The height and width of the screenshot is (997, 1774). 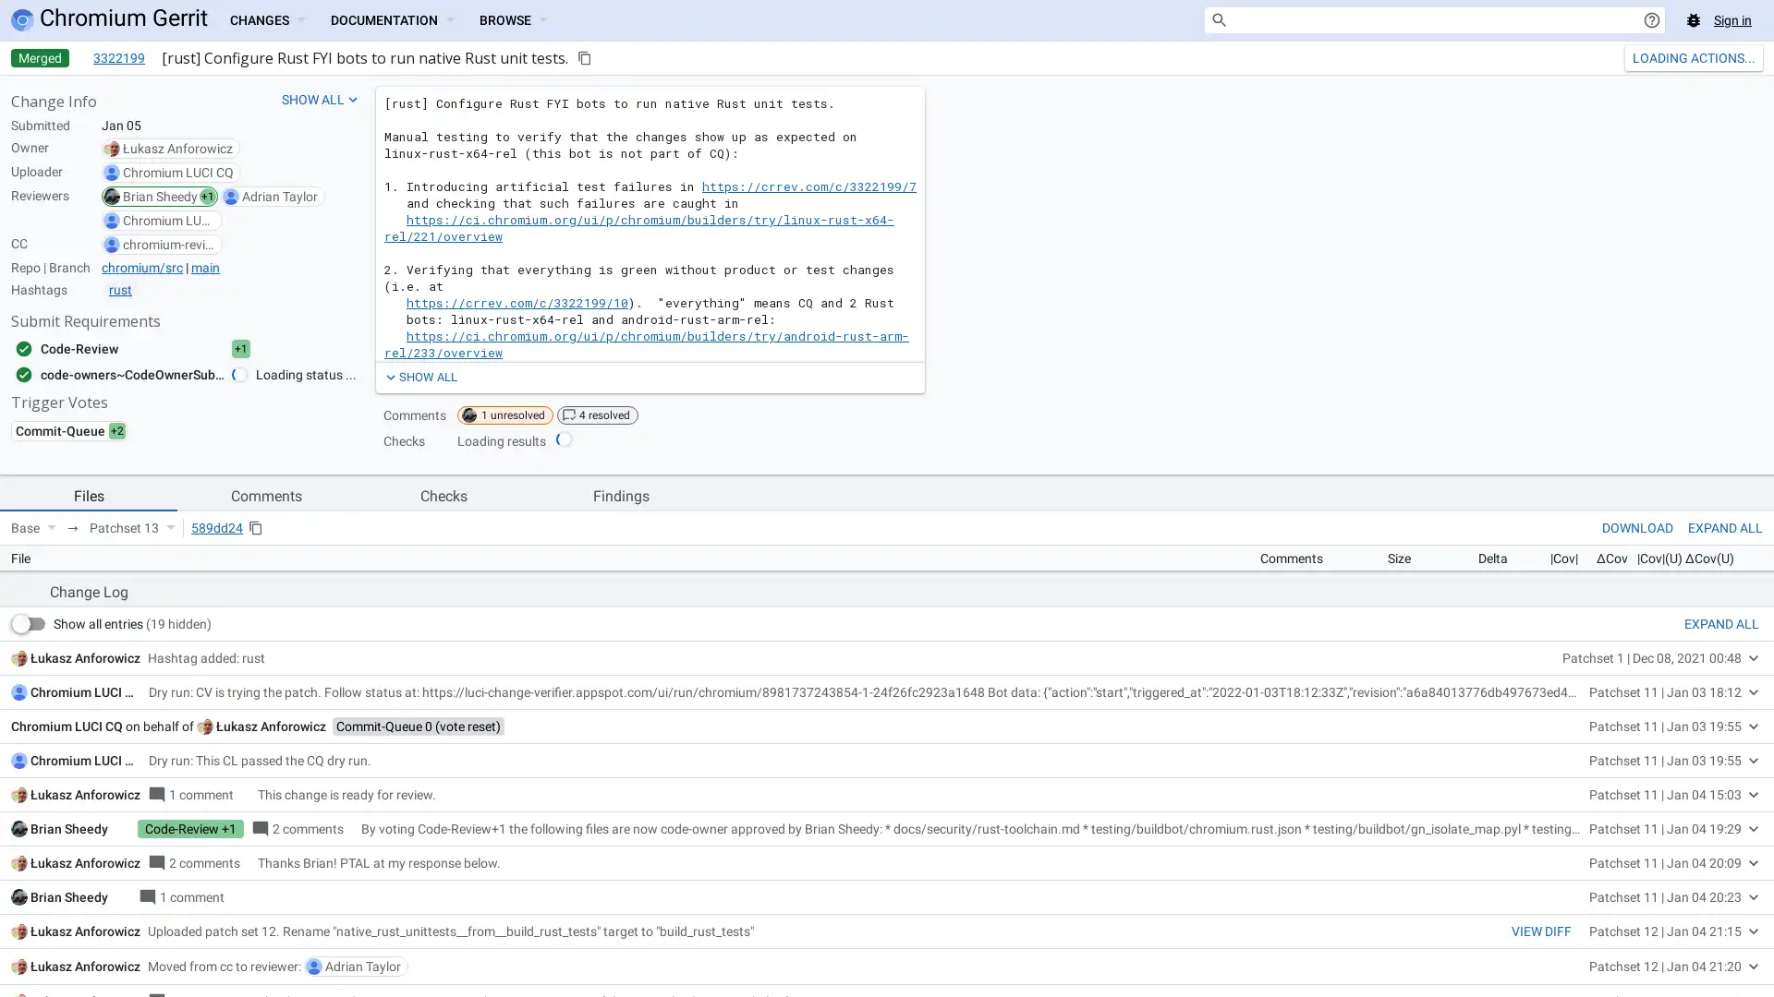 What do you see at coordinates (1694, 20) in the screenshot?
I see `File a bug` at bounding box center [1694, 20].